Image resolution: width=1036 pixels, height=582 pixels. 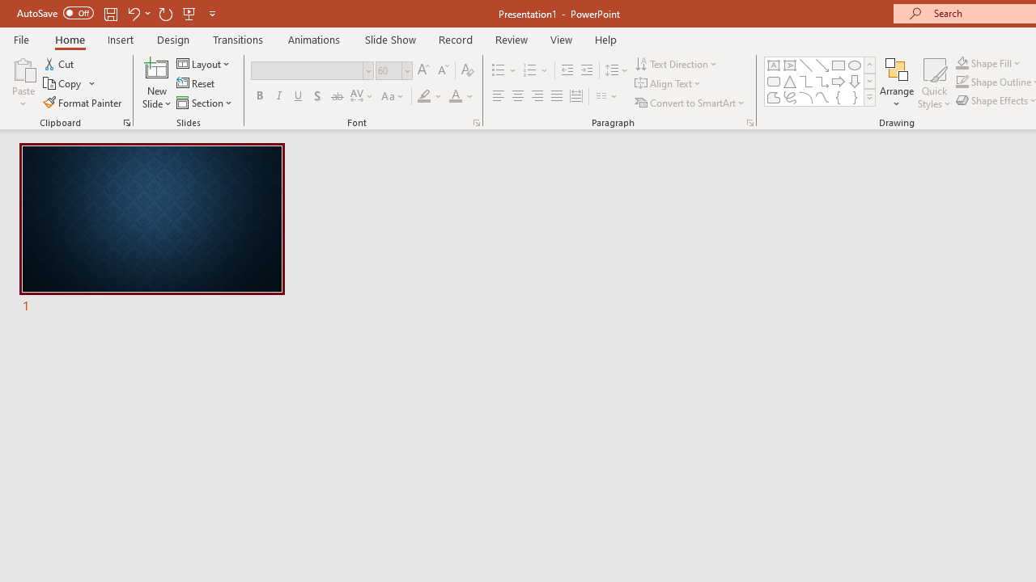 I want to click on 'Row up', so click(x=868, y=64).